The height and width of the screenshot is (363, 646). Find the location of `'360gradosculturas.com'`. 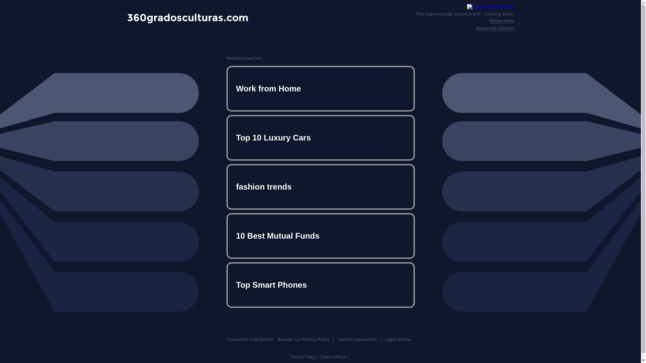

'360gradosculturas.com' is located at coordinates (187, 17).